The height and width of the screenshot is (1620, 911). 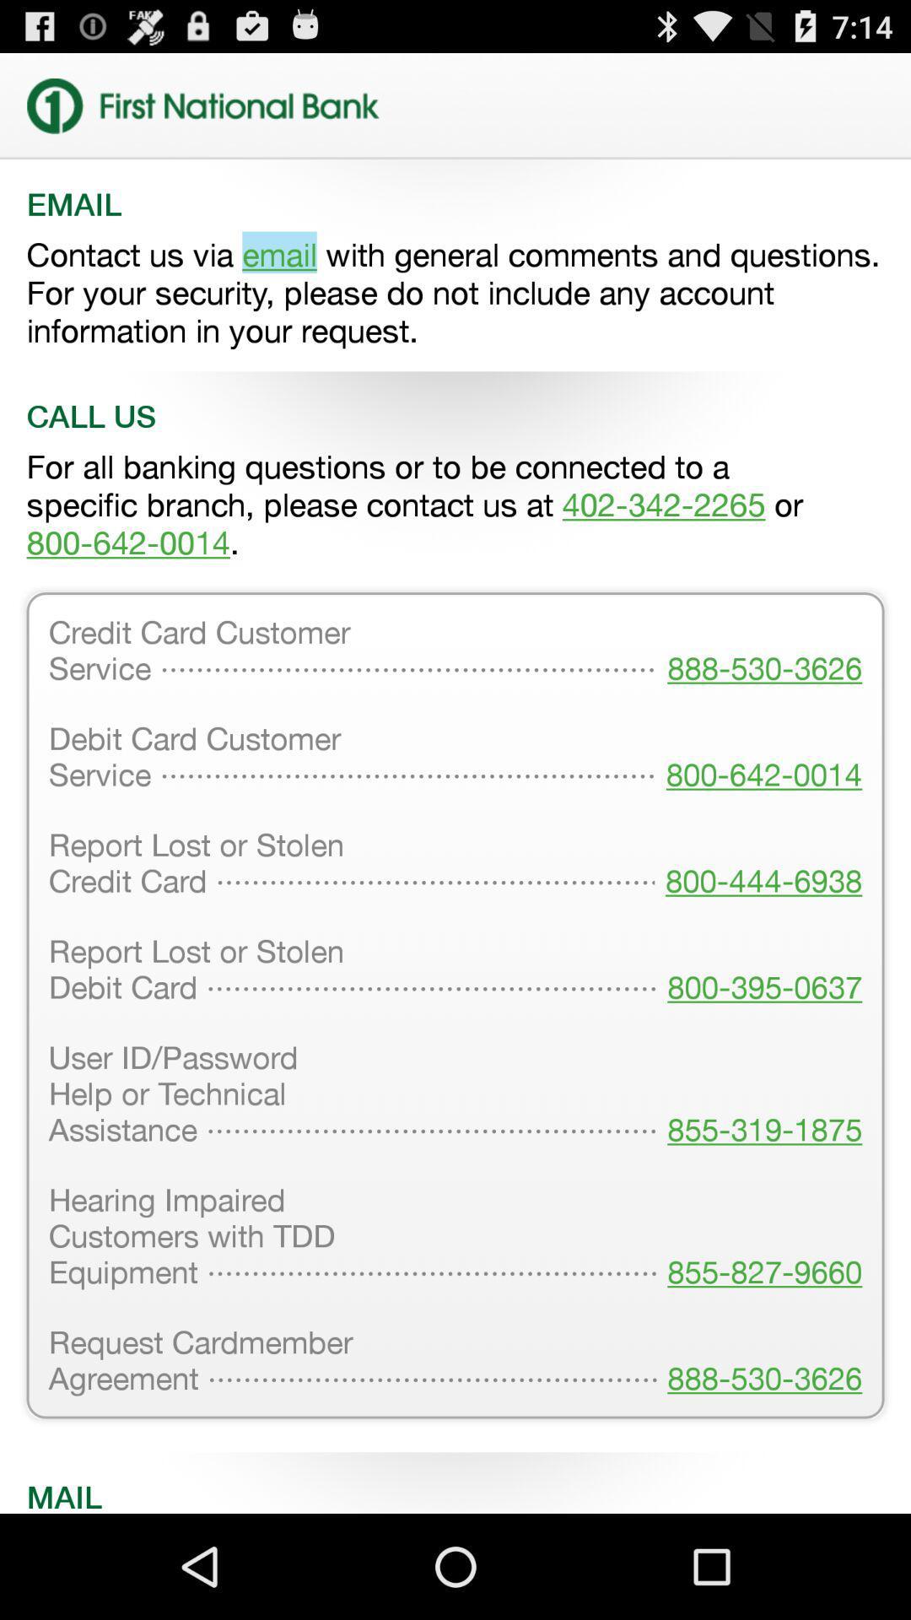 What do you see at coordinates (759, 1095) in the screenshot?
I see `the icon below the report lost or item` at bounding box center [759, 1095].